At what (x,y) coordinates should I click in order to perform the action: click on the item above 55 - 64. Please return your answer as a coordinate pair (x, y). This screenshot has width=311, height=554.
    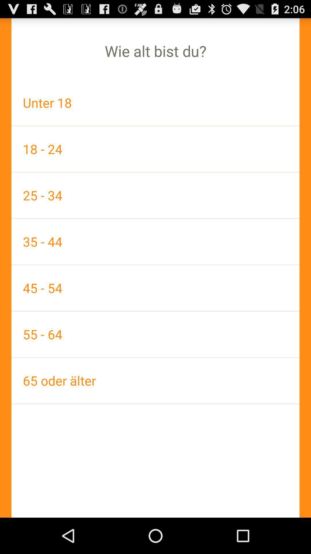
    Looking at the image, I should click on (155, 288).